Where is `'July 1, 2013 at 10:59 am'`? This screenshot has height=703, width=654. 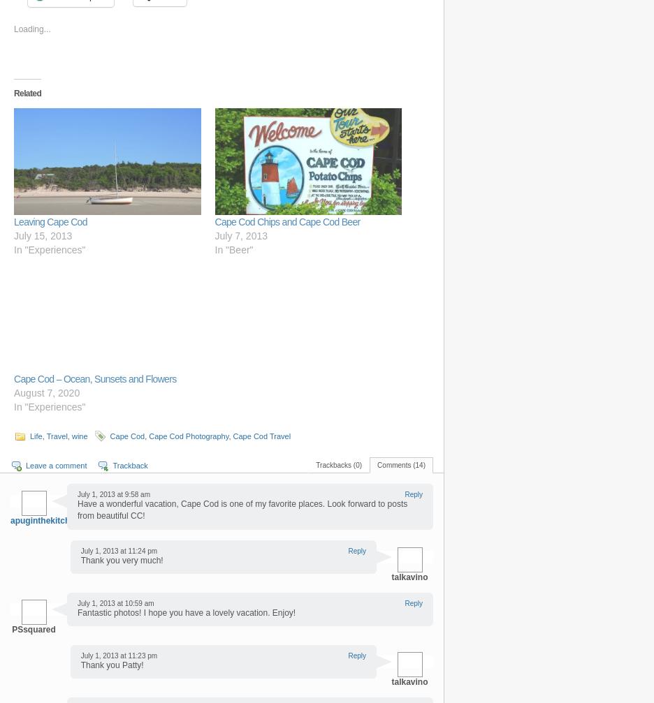
'July 1, 2013 at 10:59 am' is located at coordinates (115, 602).